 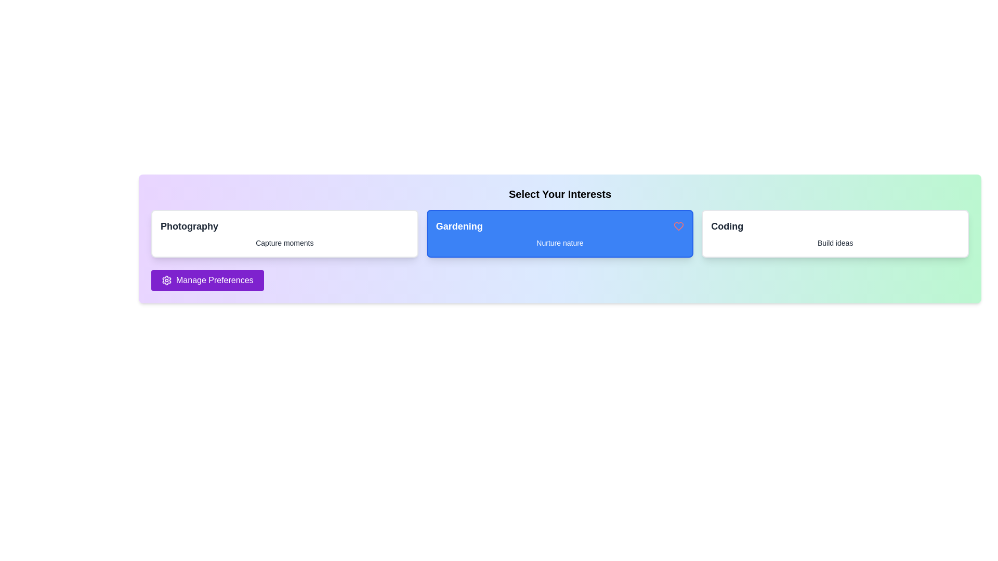 I want to click on the interest card labeled Gardening, so click(x=559, y=234).